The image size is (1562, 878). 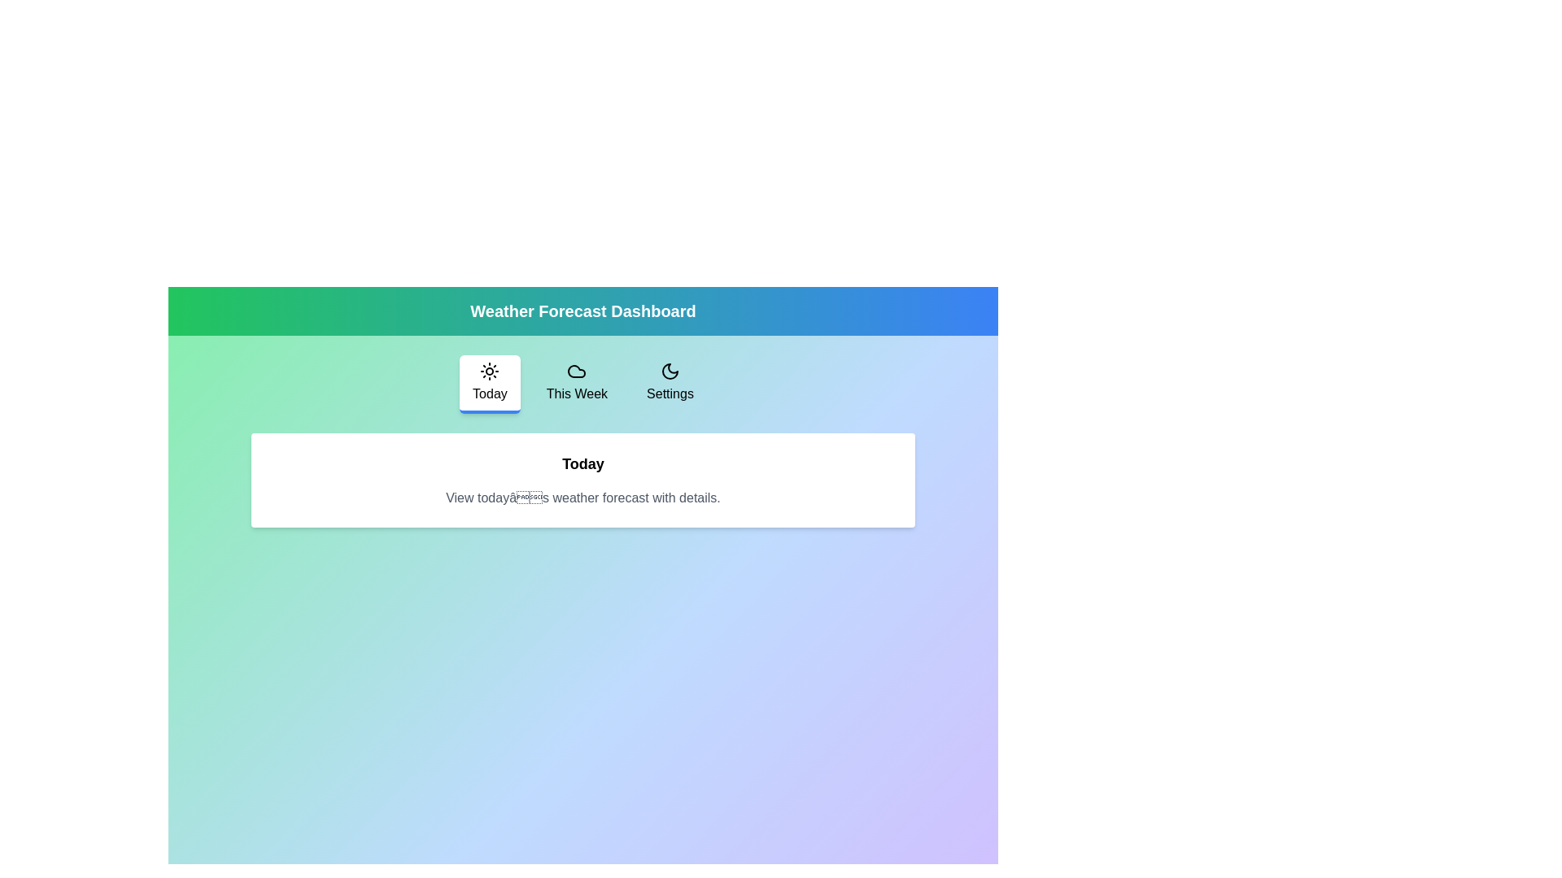 I want to click on the tab labeled Today to navigate to it, so click(x=488, y=385).